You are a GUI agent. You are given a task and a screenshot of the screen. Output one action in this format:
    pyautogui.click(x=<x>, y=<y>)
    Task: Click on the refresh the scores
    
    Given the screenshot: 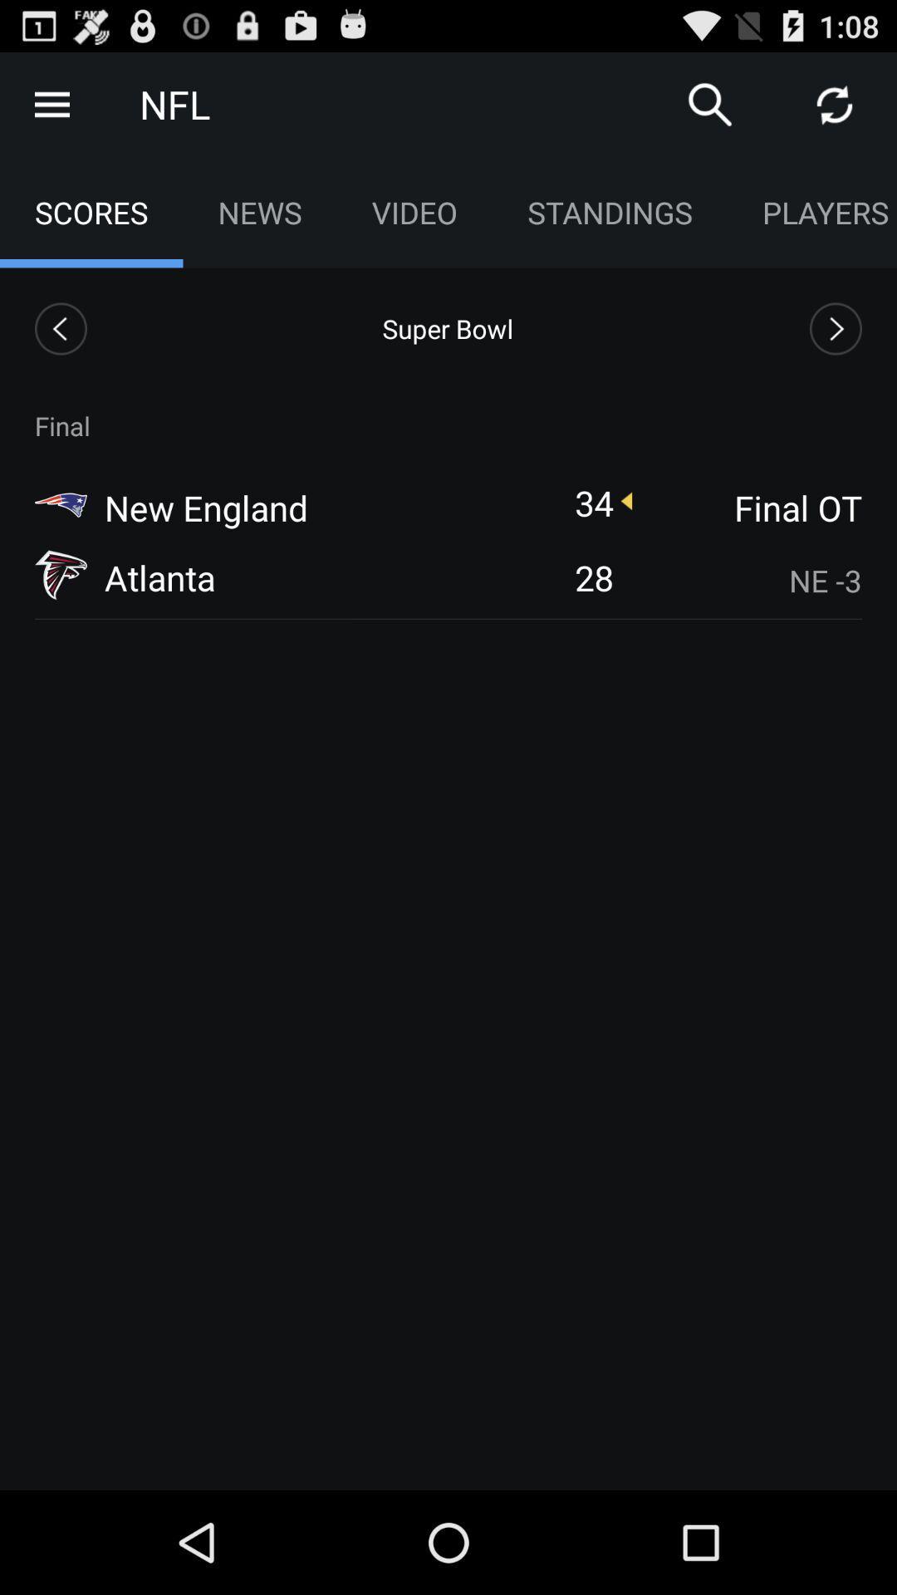 What is the action you would take?
    pyautogui.click(x=835, y=103)
    